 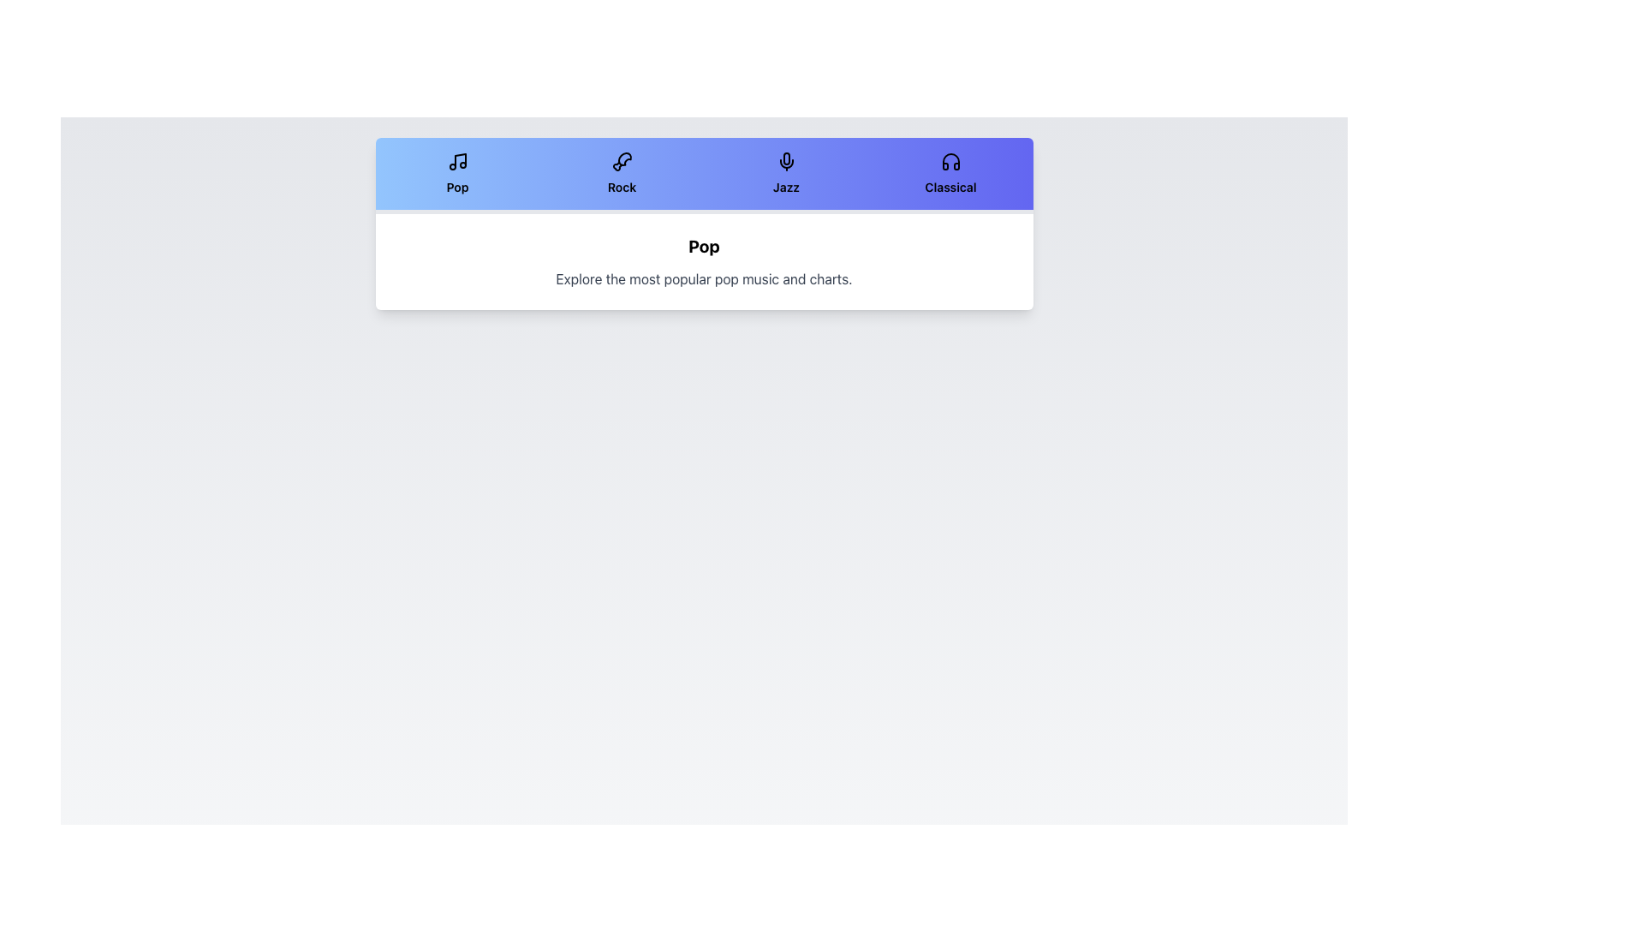 What do you see at coordinates (950, 162) in the screenshot?
I see `the 'Classical' icon in the navigation menu, which is the fourth icon from the left, representing classical music content` at bounding box center [950, 162].